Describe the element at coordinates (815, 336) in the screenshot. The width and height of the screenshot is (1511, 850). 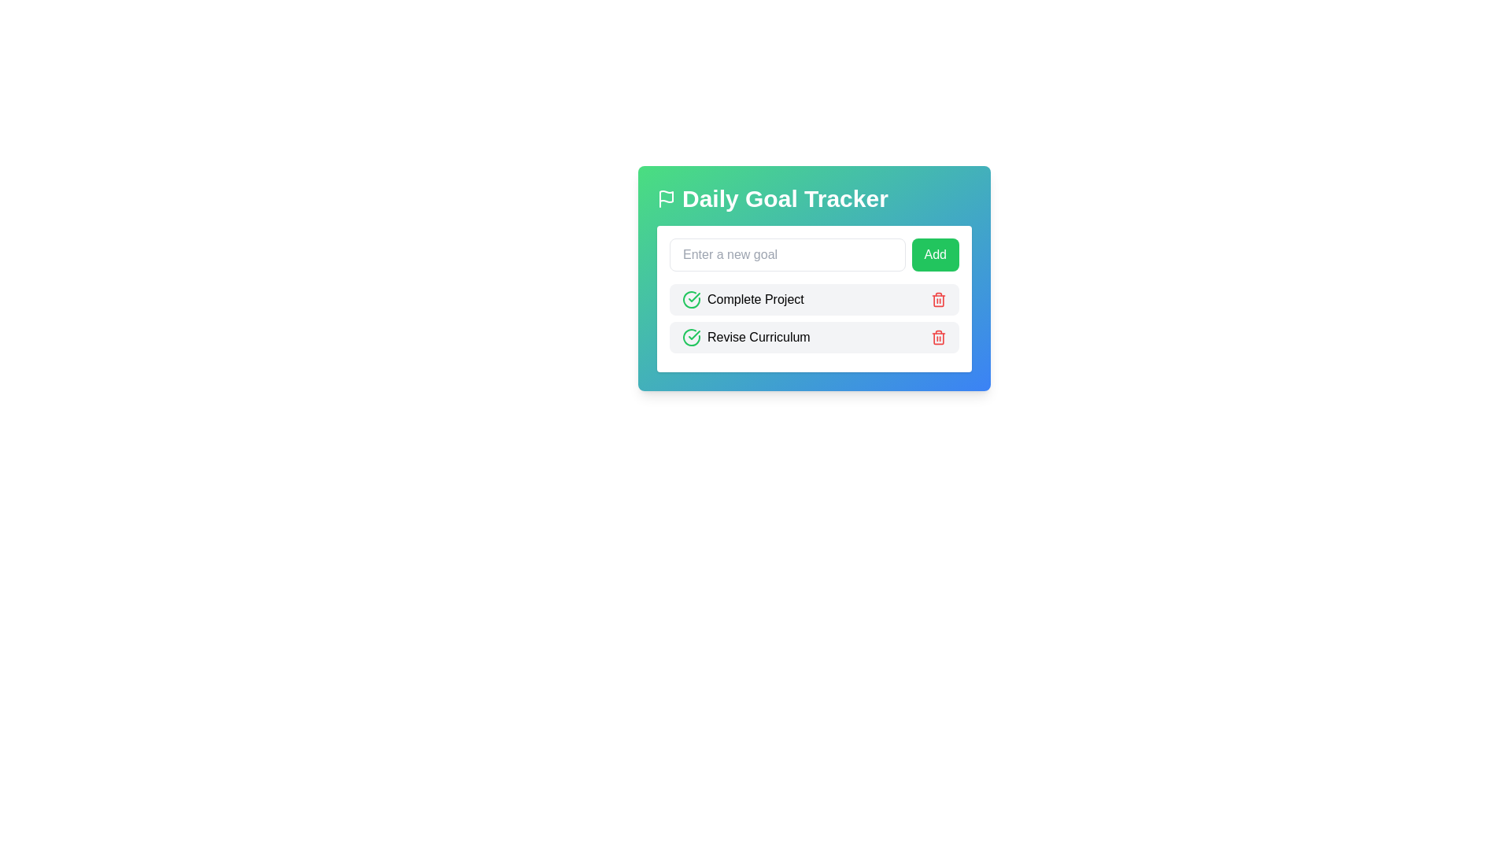
I see `the green checkmark on the task entry labeled 'Revise Curriculum' in the Daily Goal Tracker list to confirm the task` at that location.